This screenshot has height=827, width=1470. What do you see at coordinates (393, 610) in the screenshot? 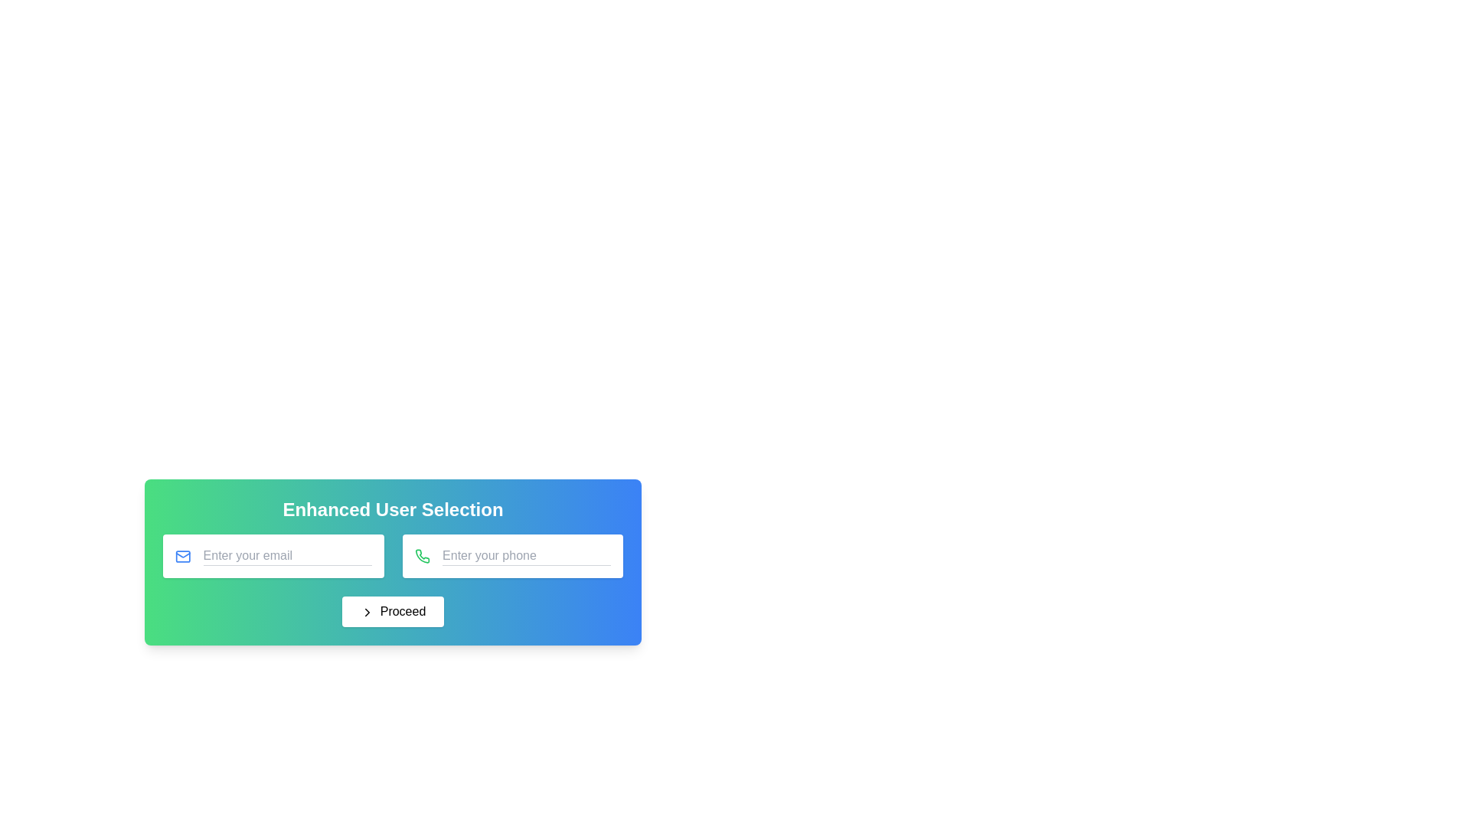
I see `the 'Proceed' button with a rounded white background and chevron icon to observe its color change` at bounding box center [393, 610].